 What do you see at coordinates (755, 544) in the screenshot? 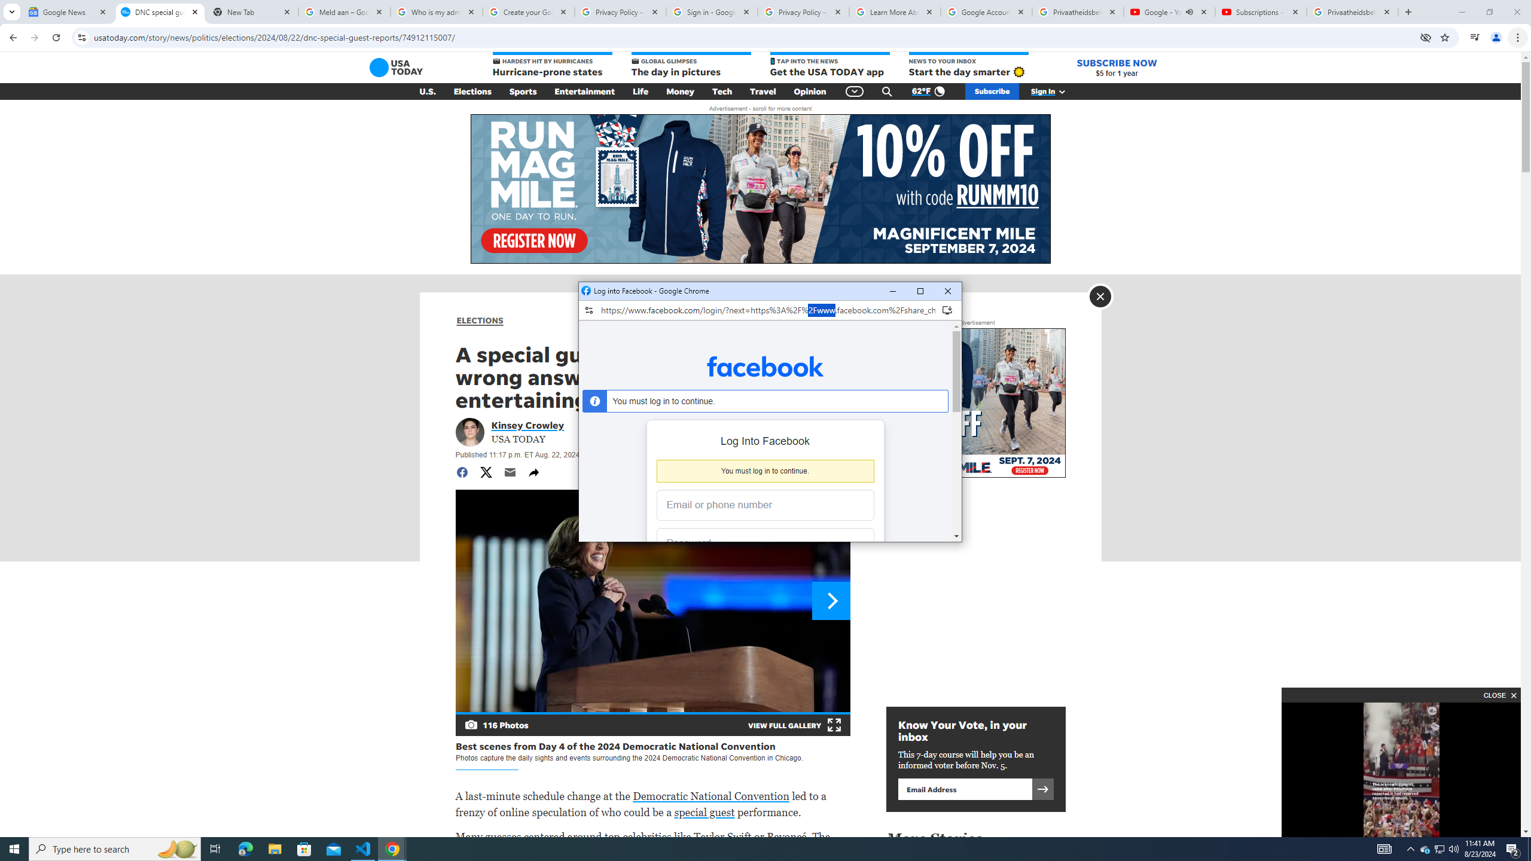
I see `'Password'` at bounding box center [755, 544].